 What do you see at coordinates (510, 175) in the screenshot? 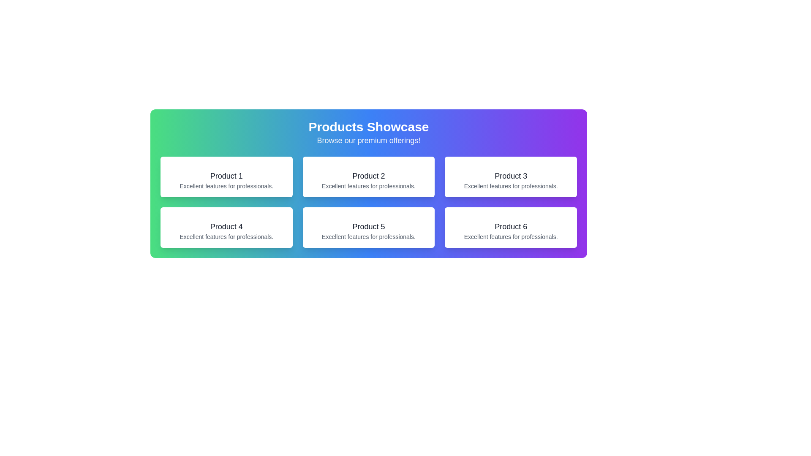
I see `the text label element that reads 'Product 3', which is styled with a bold medium-sized font and is located in the top row of a grid layout, directly below 'Products Showcase'` at bounding box center [510, 175].